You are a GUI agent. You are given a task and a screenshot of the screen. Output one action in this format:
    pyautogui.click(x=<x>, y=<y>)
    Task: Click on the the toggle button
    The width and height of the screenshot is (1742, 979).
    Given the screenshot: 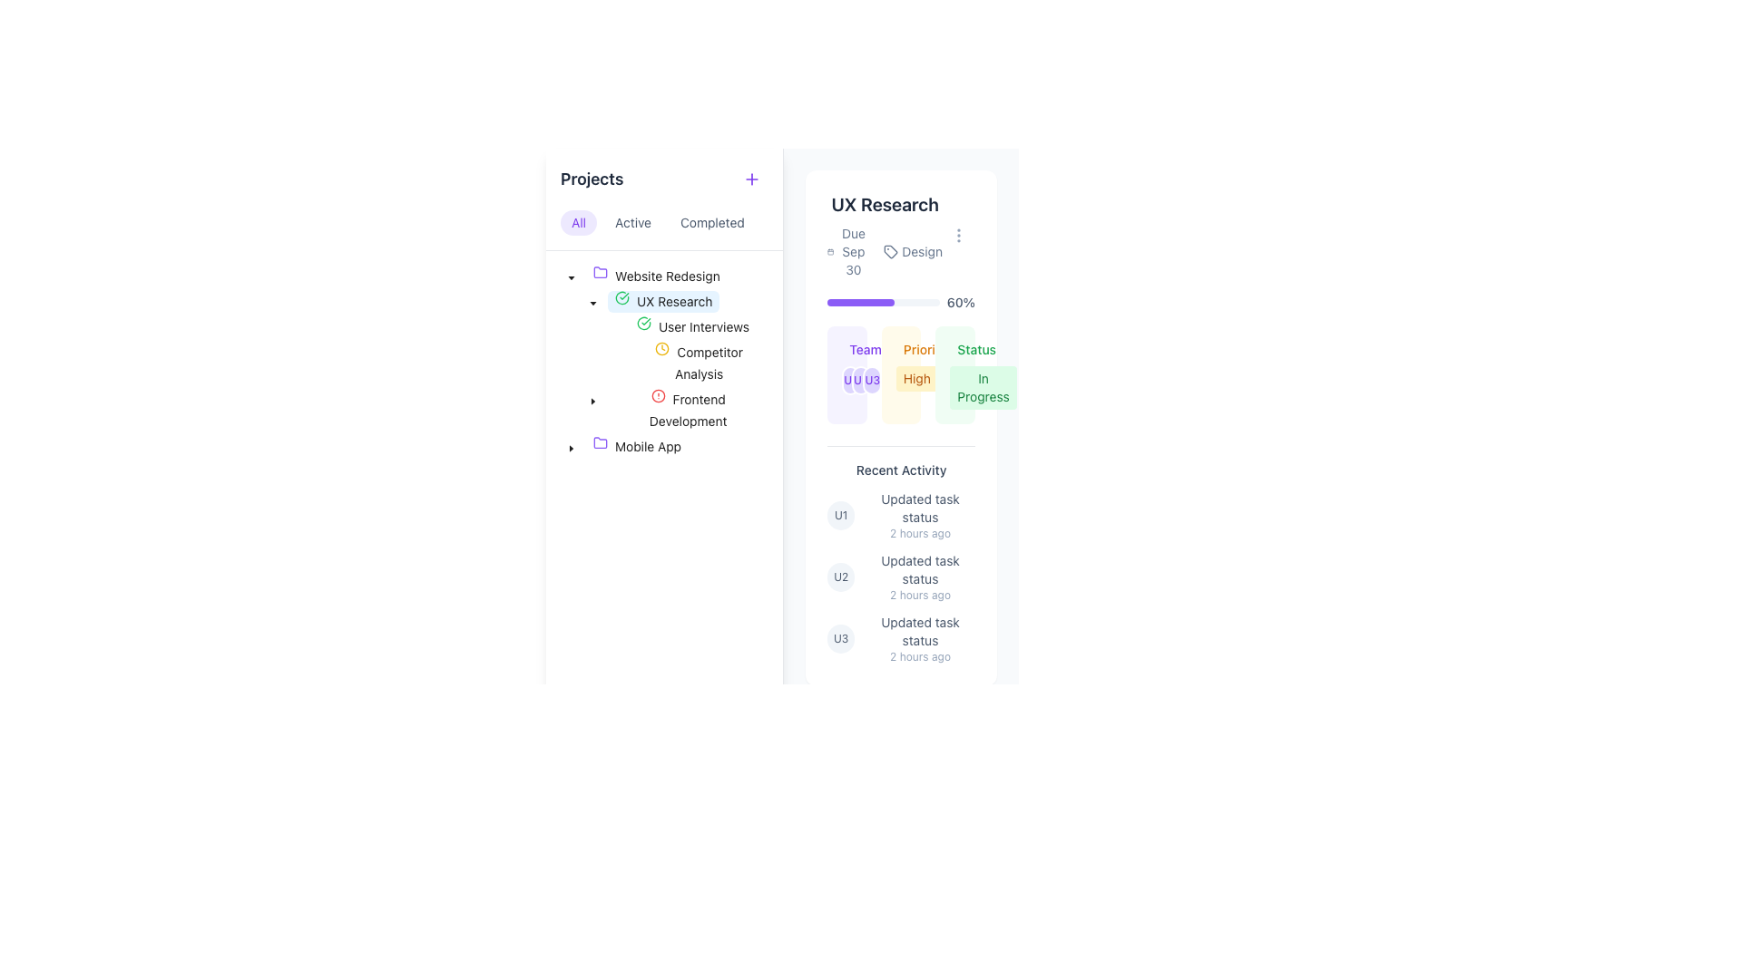 What is the action you would take?
    pyautogui.click(x=592, y=410)
    